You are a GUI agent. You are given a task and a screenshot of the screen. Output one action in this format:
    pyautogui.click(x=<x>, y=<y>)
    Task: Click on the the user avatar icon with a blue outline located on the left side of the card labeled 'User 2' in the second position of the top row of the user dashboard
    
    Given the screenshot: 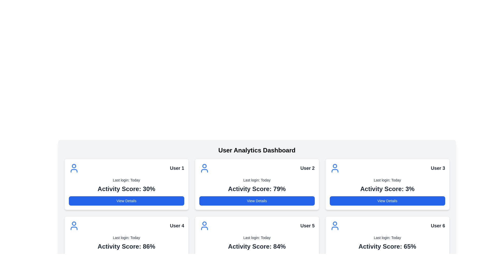 What is the action you would take?
    pyautogui.click(x=204, y=168)
    